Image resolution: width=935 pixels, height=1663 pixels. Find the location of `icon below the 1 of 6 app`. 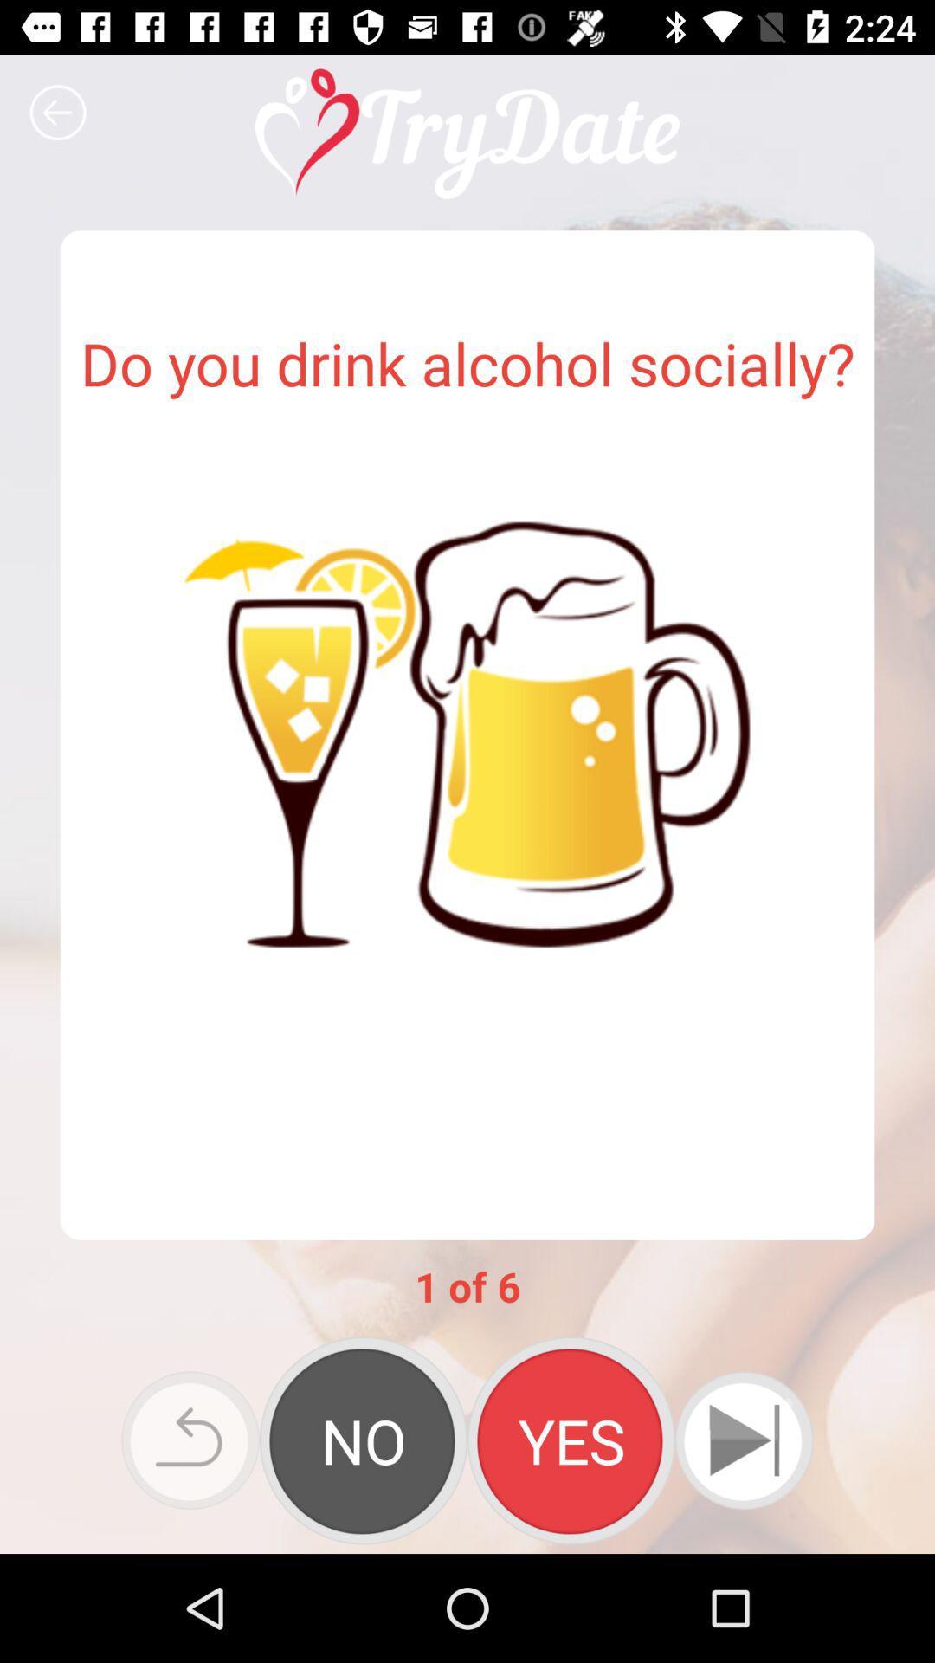

icon below the 1 of 6 app is located at coordinates (571, 1440).